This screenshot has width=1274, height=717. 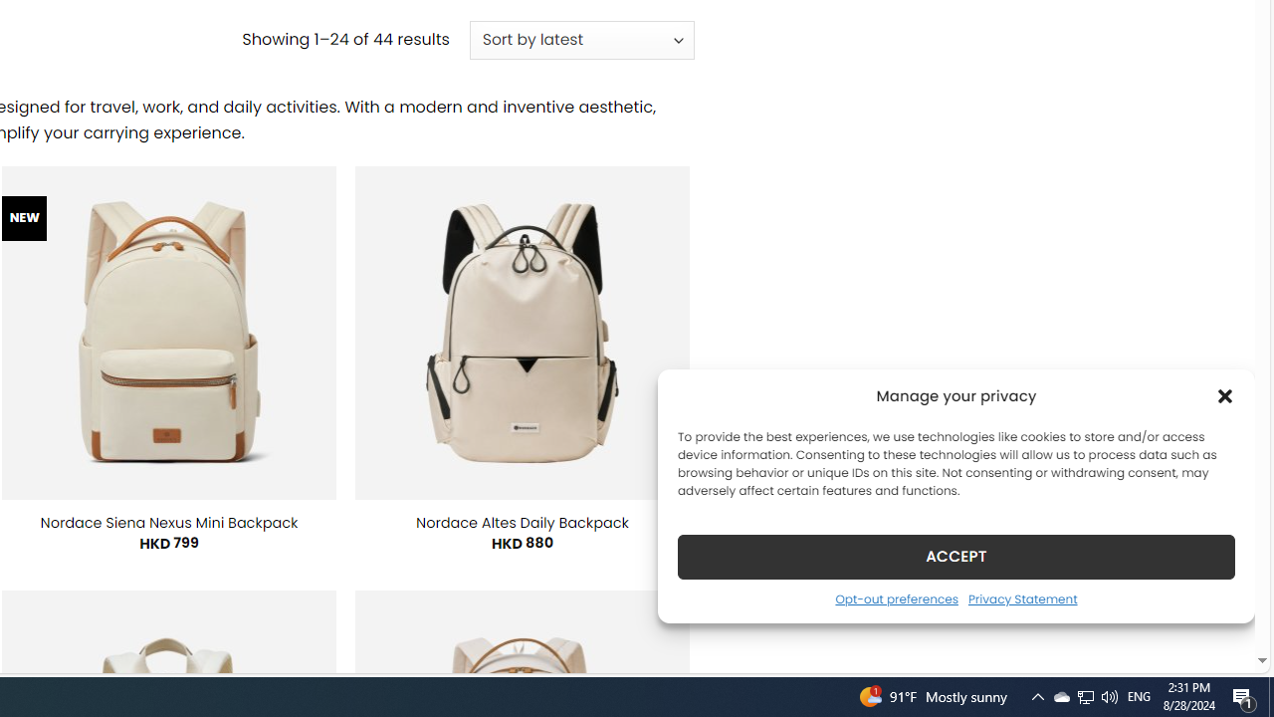 What do you see at coordinates (1224, 395) in the screenshot?
I see `'Class: cmplz-close'` at bounding box center [1224, 395].